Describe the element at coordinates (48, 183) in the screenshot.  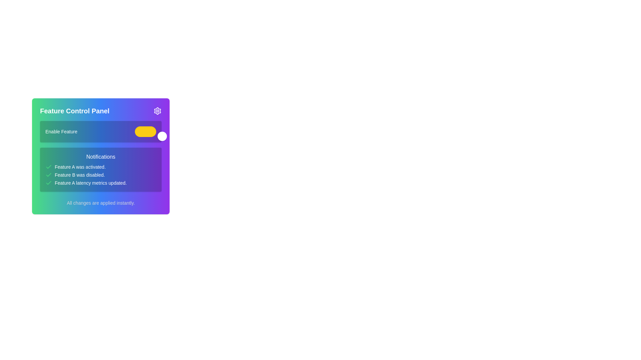
I see `the success icon indicating 'Feature A latency metrics updated' located in the Notifications section, positioned to the left of the corresponding text` at that location.